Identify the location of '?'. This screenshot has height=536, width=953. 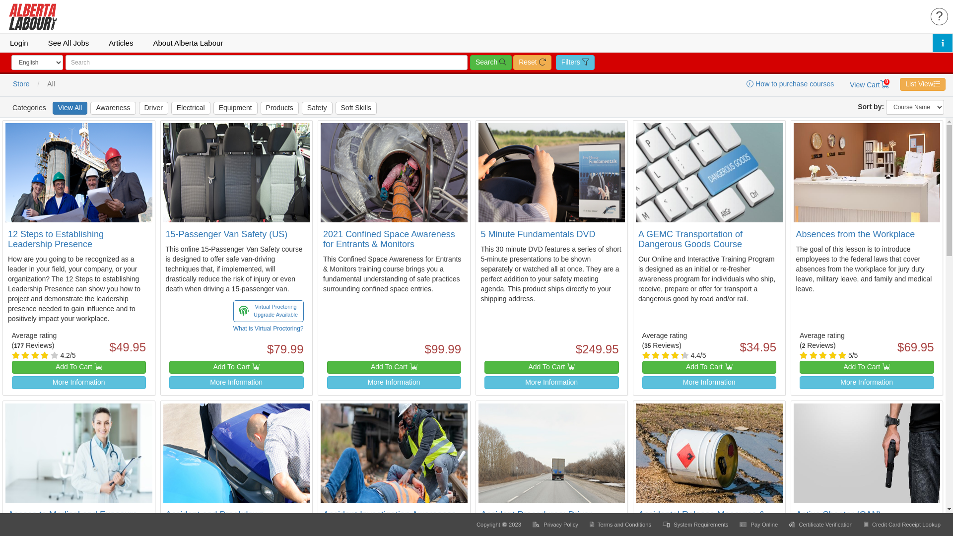
(939, 16).